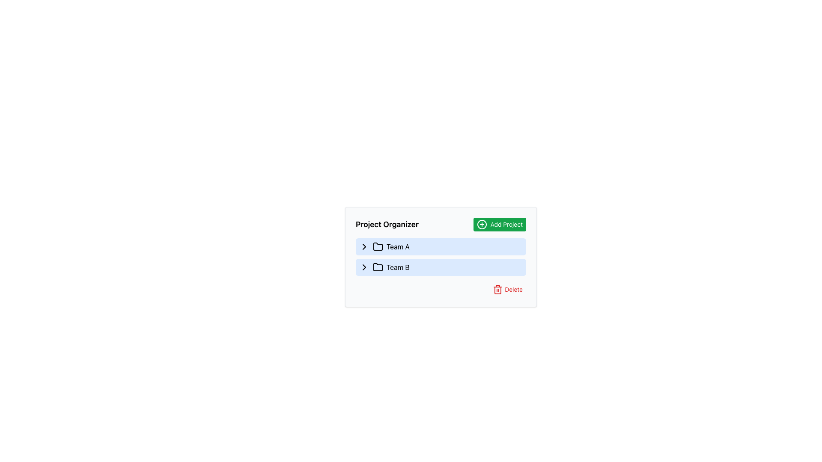 The image size is (822, 462). Describe the element at coordinates (364, 267) in the screenshot. I see `the chevron icon for 'Team A' in the 'Project Organizer' section` at that location.